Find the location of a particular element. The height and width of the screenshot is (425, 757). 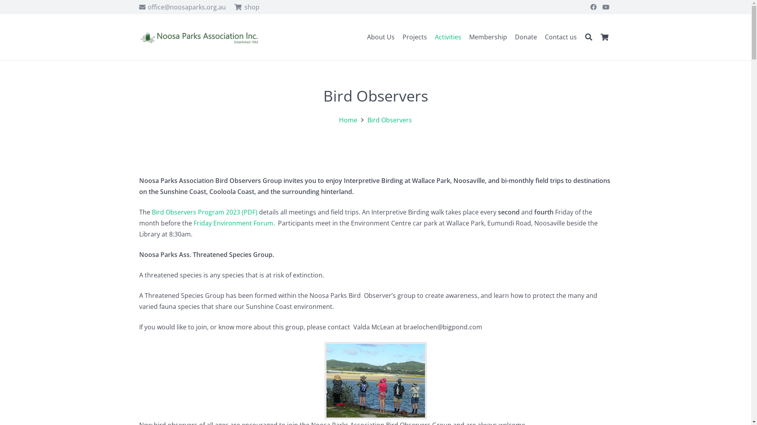

'Donate' is located at coordinates (526, 37).